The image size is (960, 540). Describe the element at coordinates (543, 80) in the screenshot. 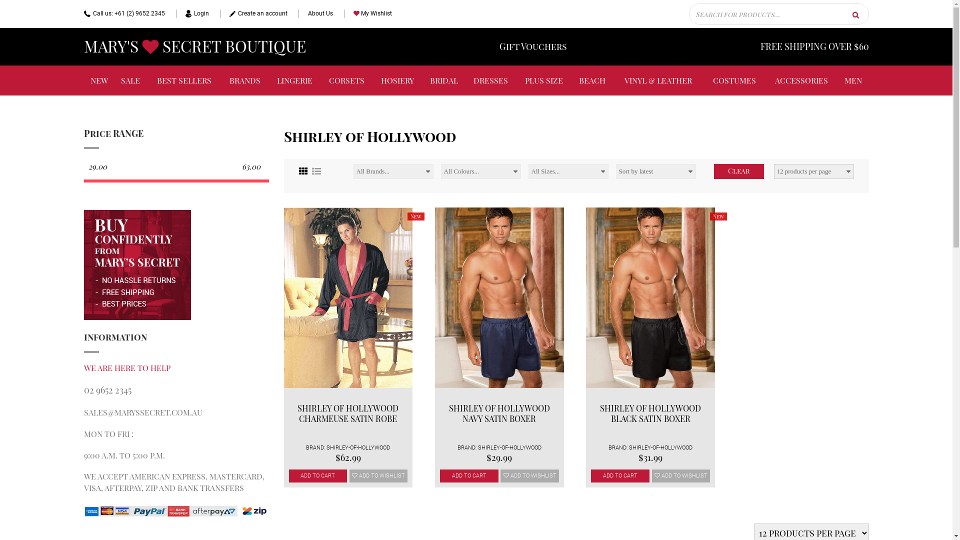

I see `'PLUS SIZE'` at that location.